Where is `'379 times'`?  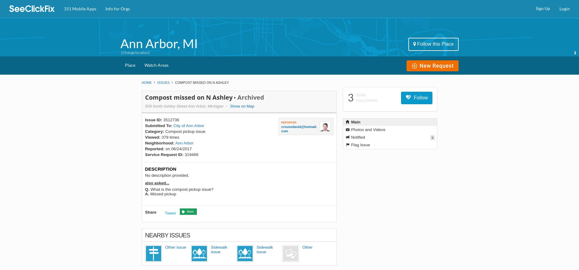
'379 times' is located at coordinates (170, 137).